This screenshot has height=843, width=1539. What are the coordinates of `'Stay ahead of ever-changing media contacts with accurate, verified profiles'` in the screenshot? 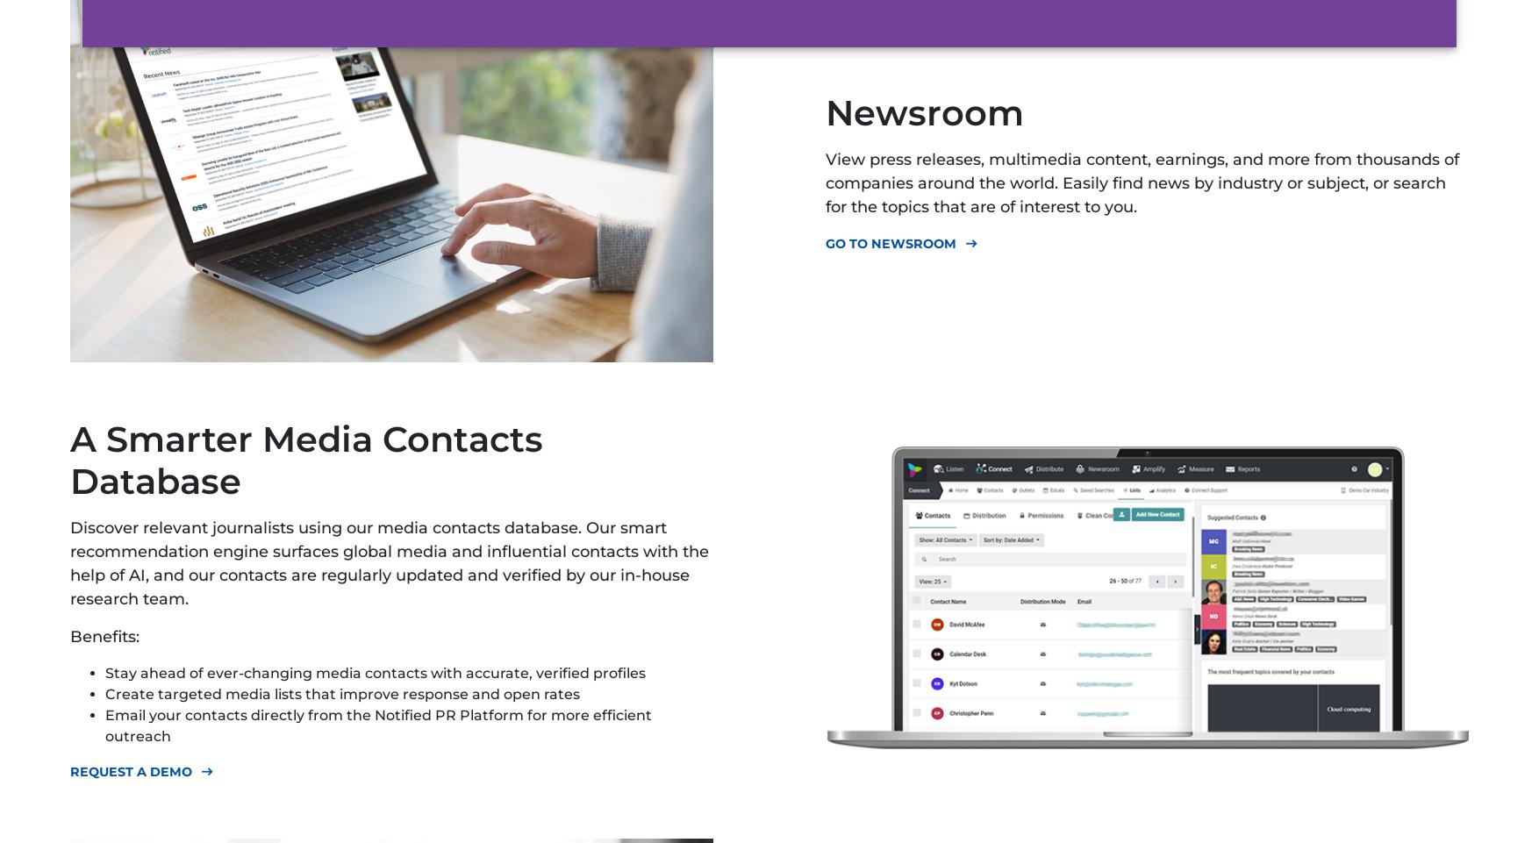 It's located at (375, 672).